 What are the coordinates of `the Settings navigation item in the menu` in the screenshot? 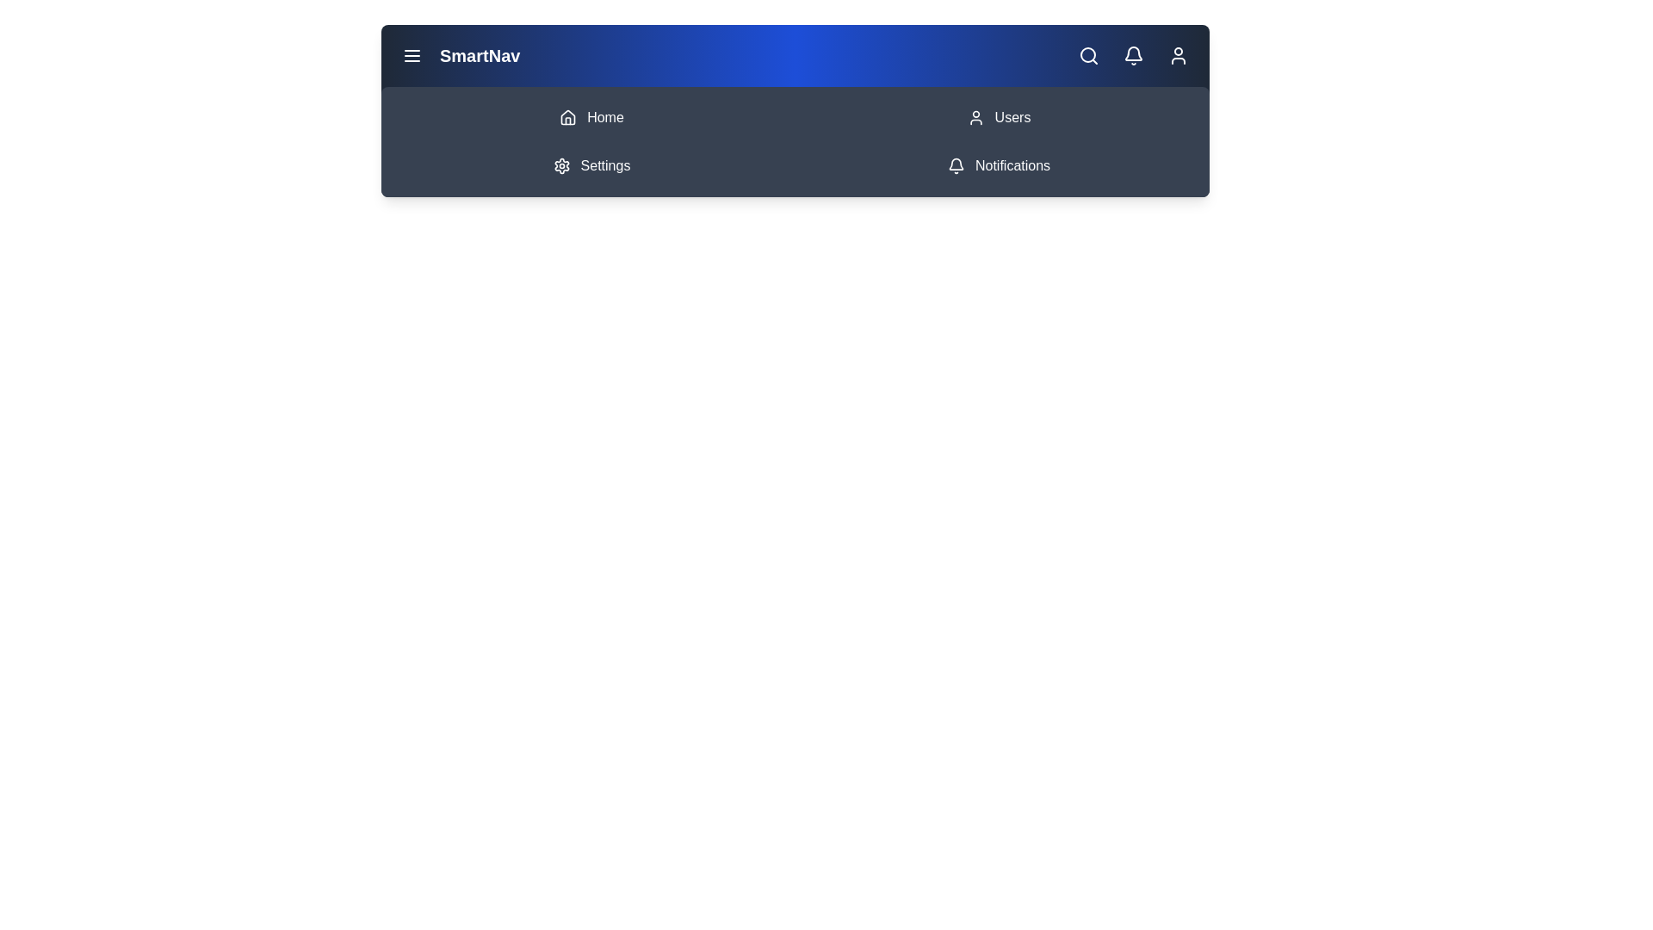 It's located at (591, 165).